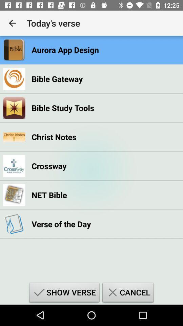  What do you see at coordinates (61, 223) in the screenshot?
I see `verse of the item` at bounding box center [61, 223].